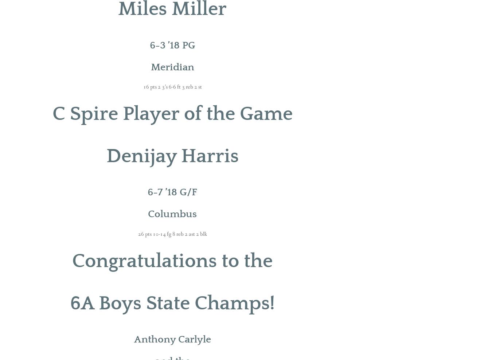  I want to click on 'Denijay Harris', so click(106, 156).